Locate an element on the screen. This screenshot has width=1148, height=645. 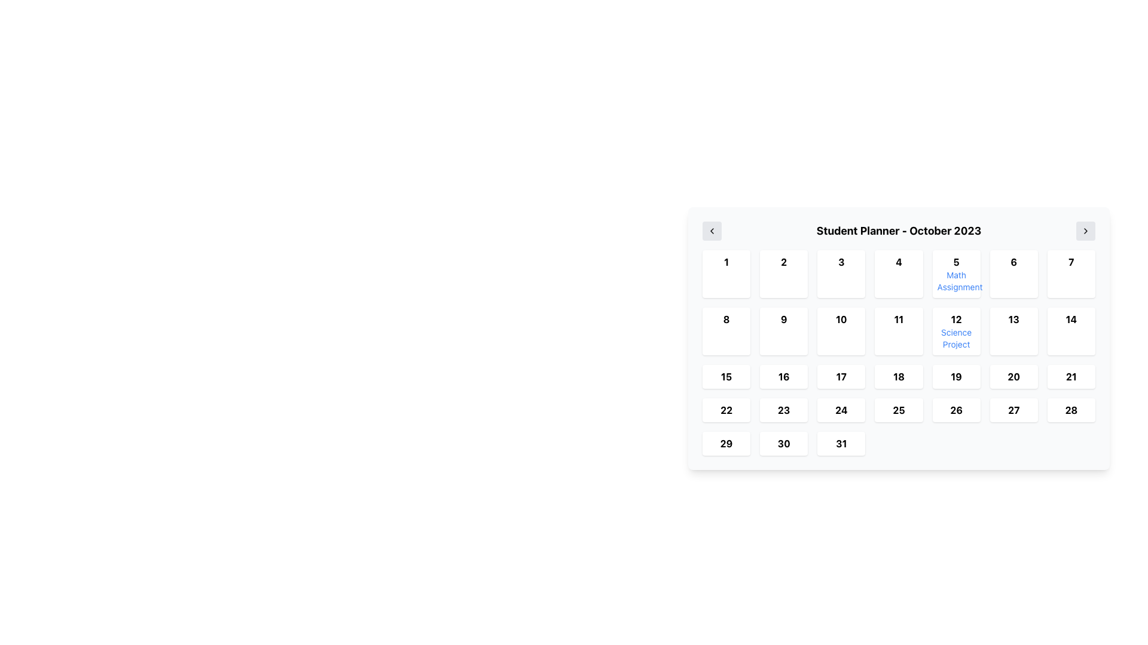
the Calendar day box representing the day '8' is located at coordinates (725, 331).